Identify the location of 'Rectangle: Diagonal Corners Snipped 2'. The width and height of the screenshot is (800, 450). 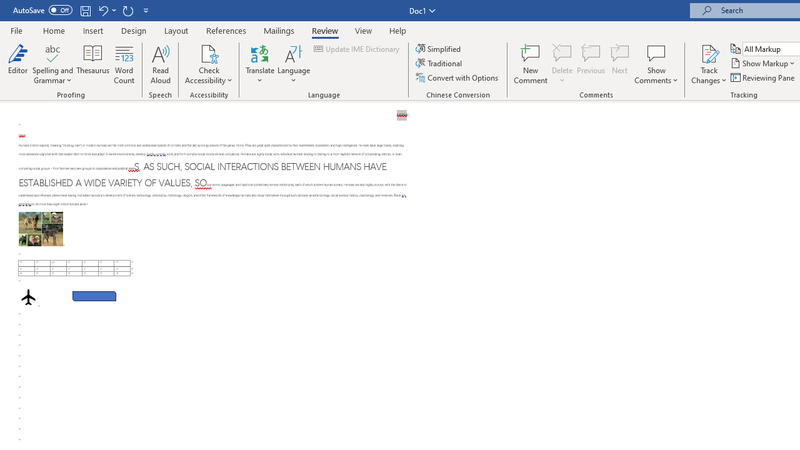
(94, 296).